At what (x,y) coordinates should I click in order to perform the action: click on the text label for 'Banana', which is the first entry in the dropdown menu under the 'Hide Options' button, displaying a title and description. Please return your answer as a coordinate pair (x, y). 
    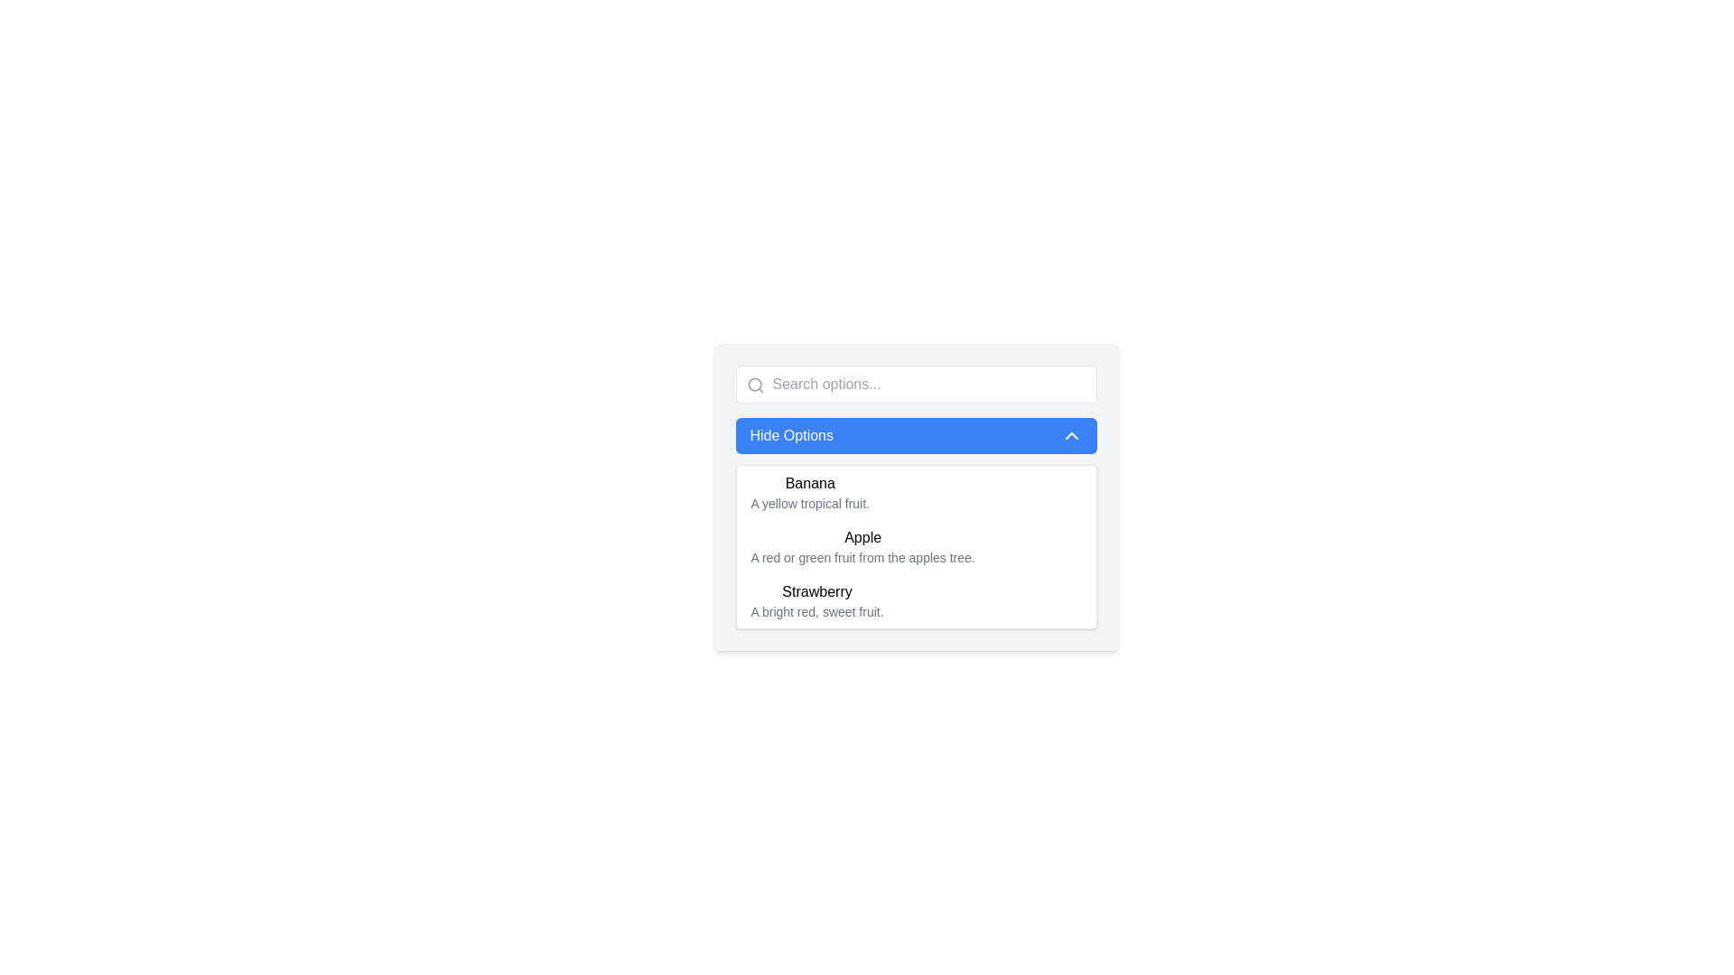
    Looking at the image, I should click on (809, 493).